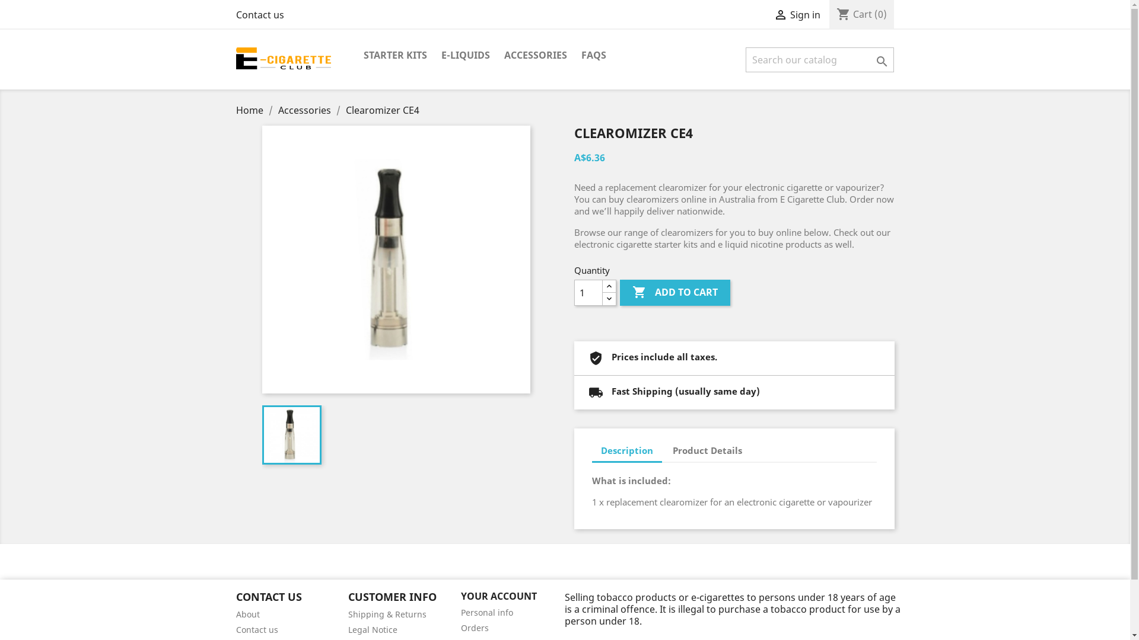 Image resolution: width=1139 pixels, height=640 pixels. What do you see at coordinates (707, 450) in the screenshot?
I see `'Product Details'` at bounding box center [707, 450].